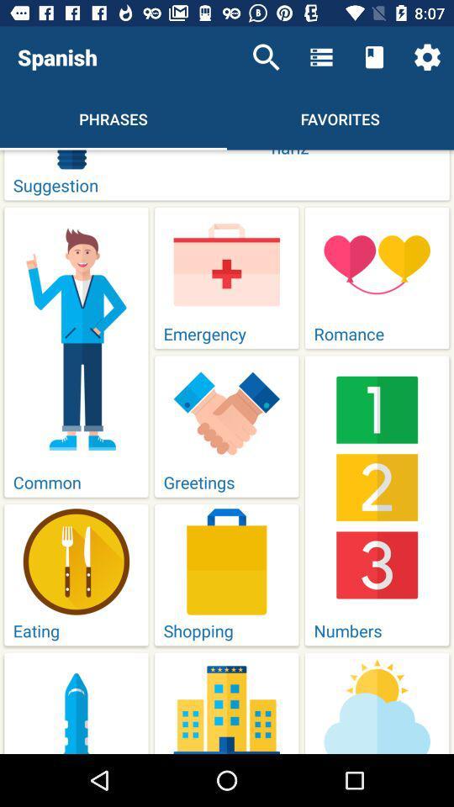  I want to click on icon to the right of spanish item, so click(266, 57).